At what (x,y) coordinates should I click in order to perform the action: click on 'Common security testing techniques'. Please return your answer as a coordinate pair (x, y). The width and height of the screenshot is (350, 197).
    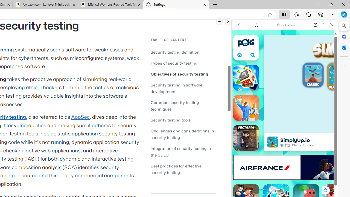
    Looking at the image, I should click on (183, 106).